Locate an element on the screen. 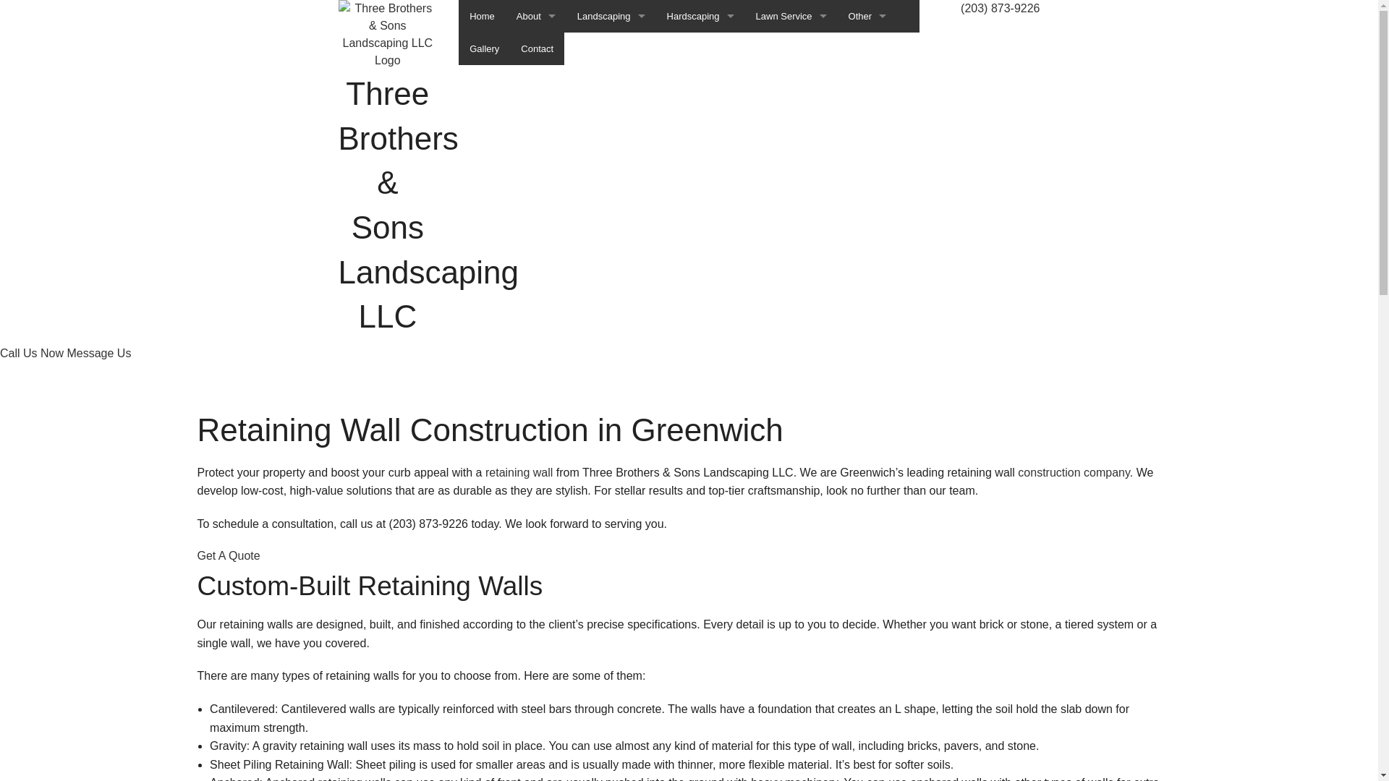 The height and width of the screenshot is (781, 1389). 'Residential Snow Removal' is located at coordinates (867, 568).